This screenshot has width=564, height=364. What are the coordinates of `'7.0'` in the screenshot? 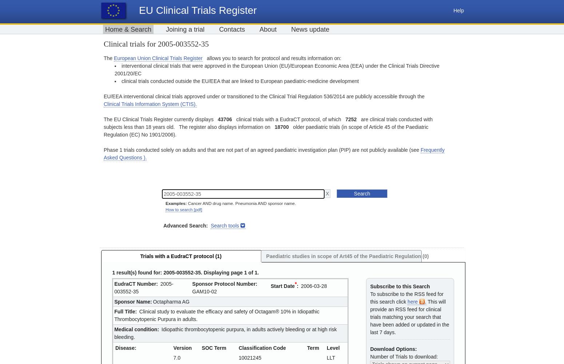 It's located at (176, 357).